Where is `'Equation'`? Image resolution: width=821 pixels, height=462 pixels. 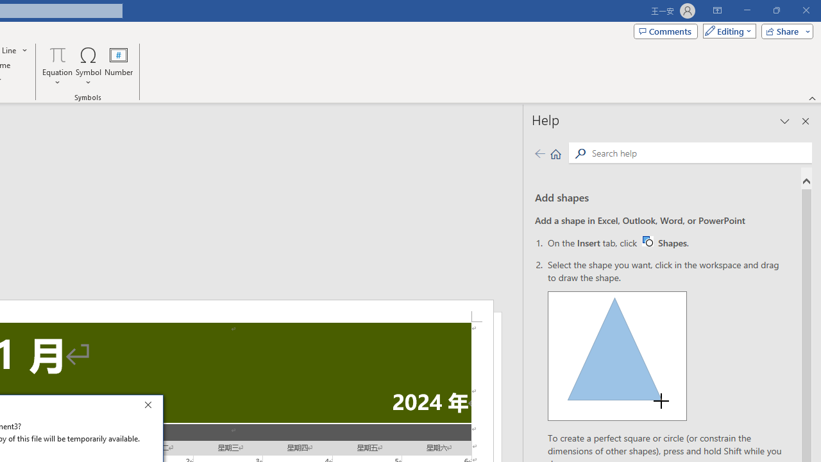
'Equation' is located at coordinates (57, 66).